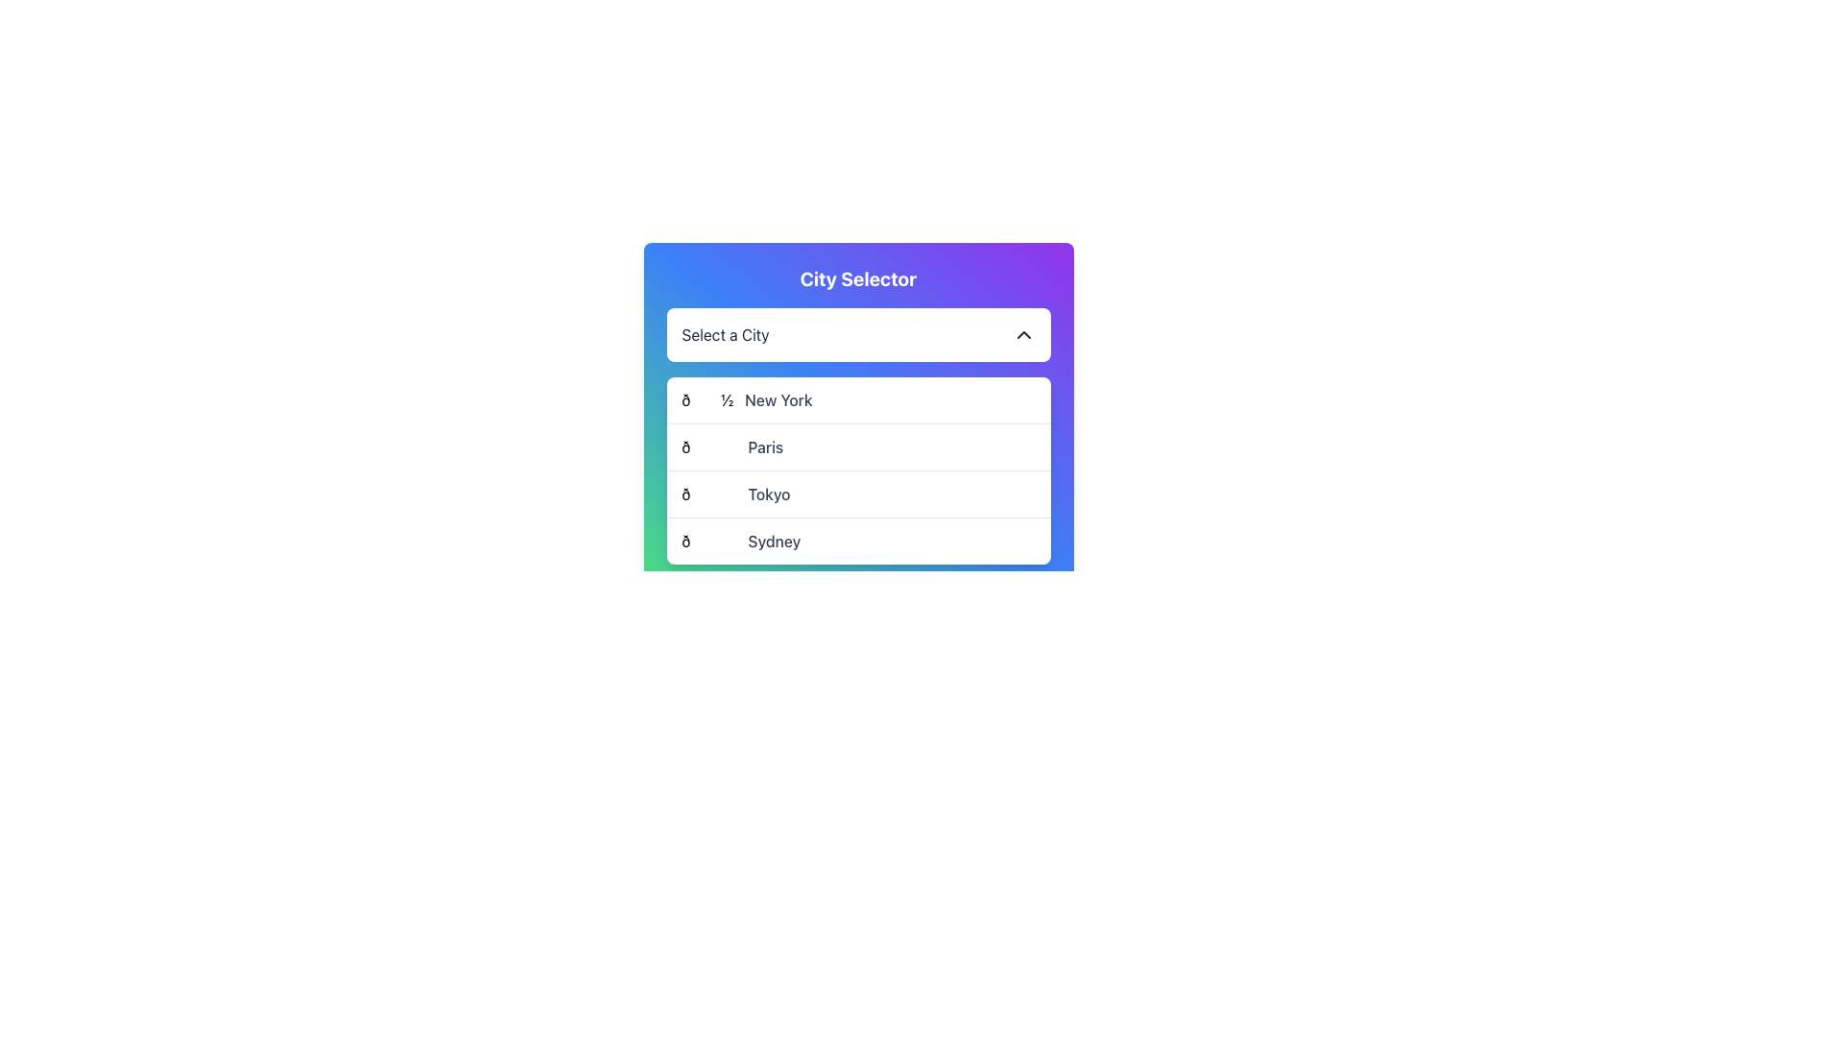 Image resolution: width=1843 pixels, height=1037 pixels. I want to click on text 'Tokyo' from the text label styled with a medium-weight font and gray color tone, located in the third row of the list of cities, aligned to the right of an emoji, so click(769, 494).